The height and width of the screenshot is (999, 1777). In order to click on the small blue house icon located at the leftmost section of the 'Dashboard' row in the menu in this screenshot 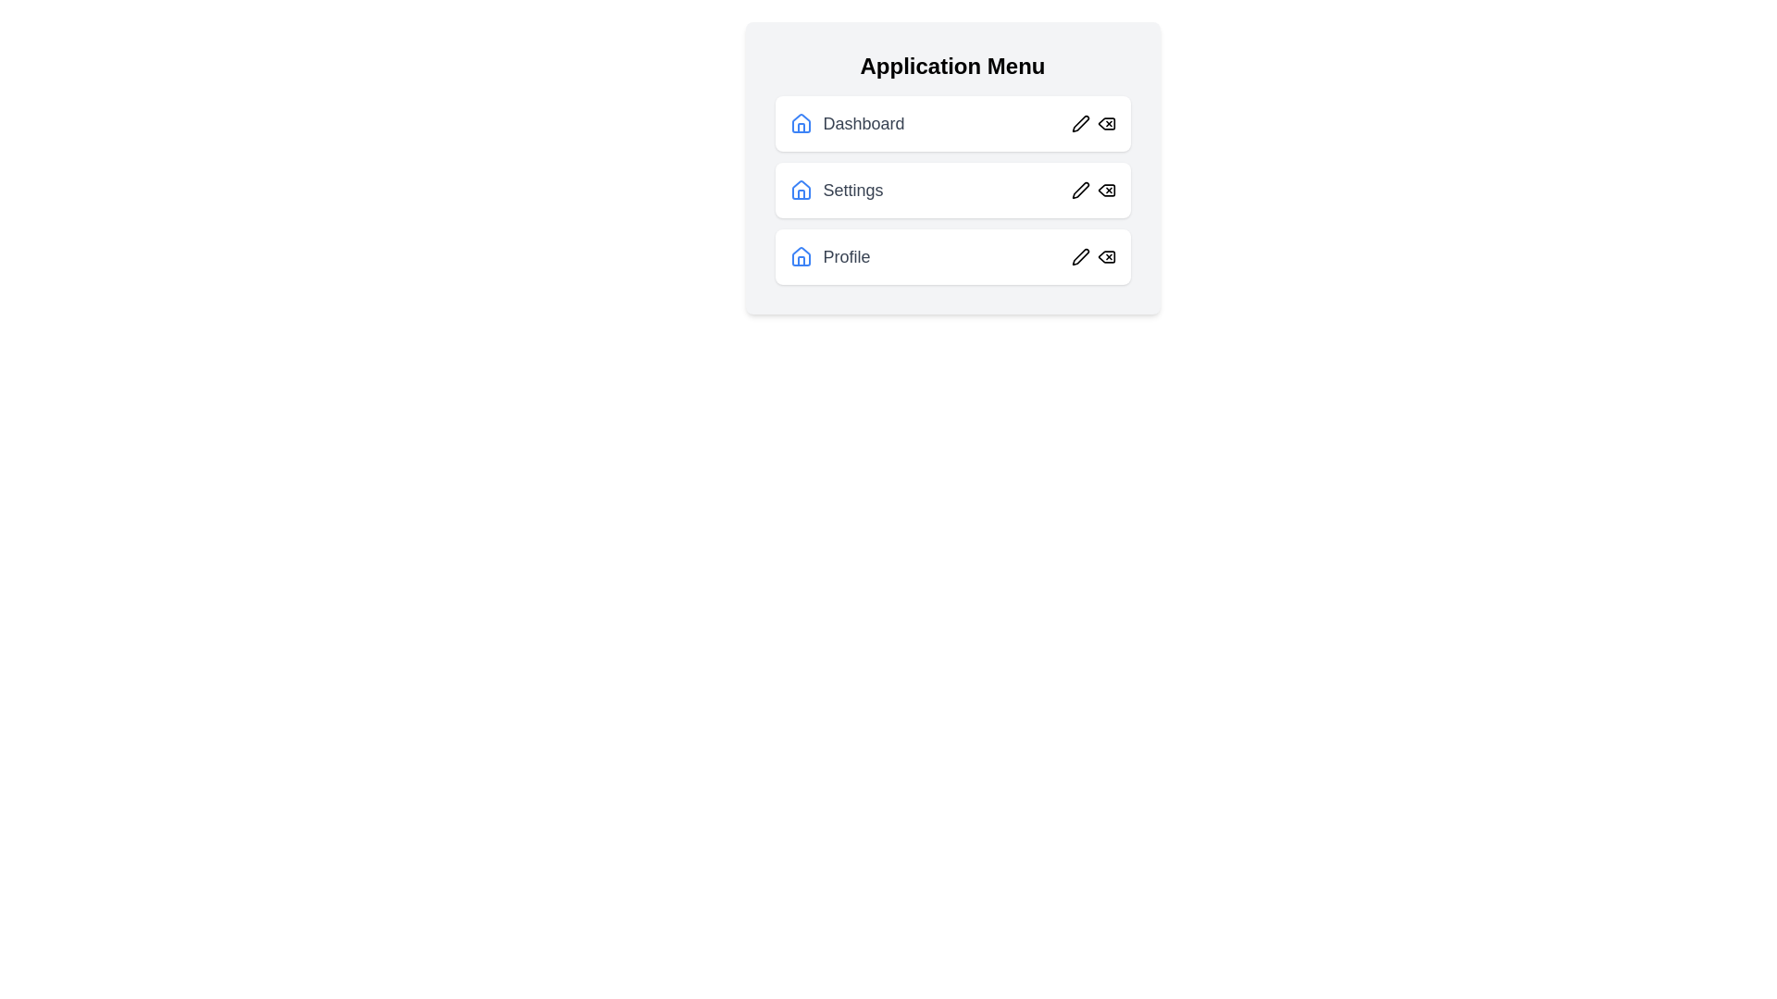, I will do `click(801, 124)`.